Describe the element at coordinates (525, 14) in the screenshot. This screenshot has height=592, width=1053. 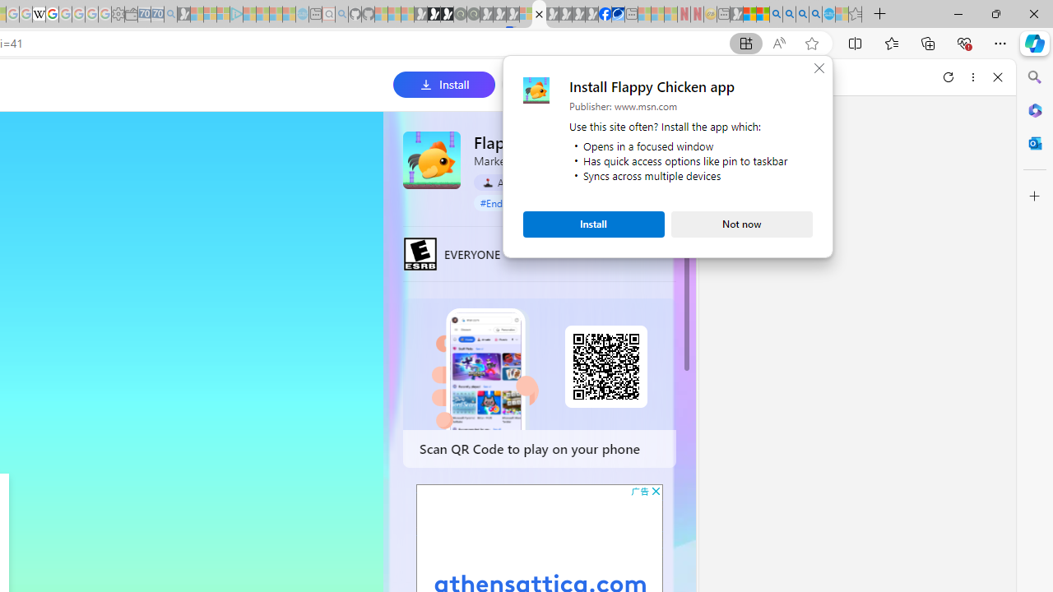
I see `'Sign in to your account - Sleeping'` at that location.